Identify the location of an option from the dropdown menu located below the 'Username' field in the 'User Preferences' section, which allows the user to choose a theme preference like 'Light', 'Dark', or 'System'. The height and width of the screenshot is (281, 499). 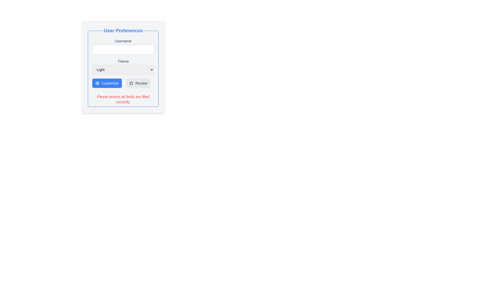
(123, 66).